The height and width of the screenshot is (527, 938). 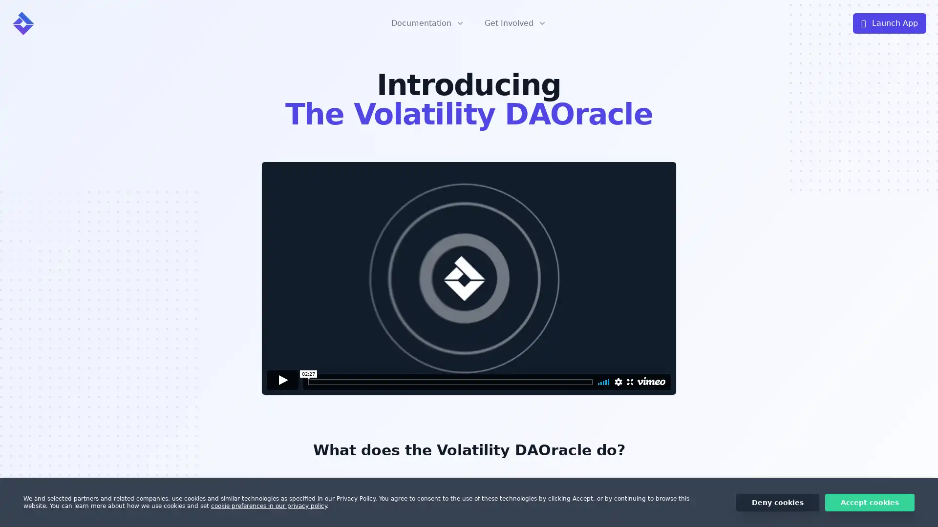 What do you see at coordinates (427, 22) in the screenshot?
I see `Documentation` at bounding box center [427, 22].